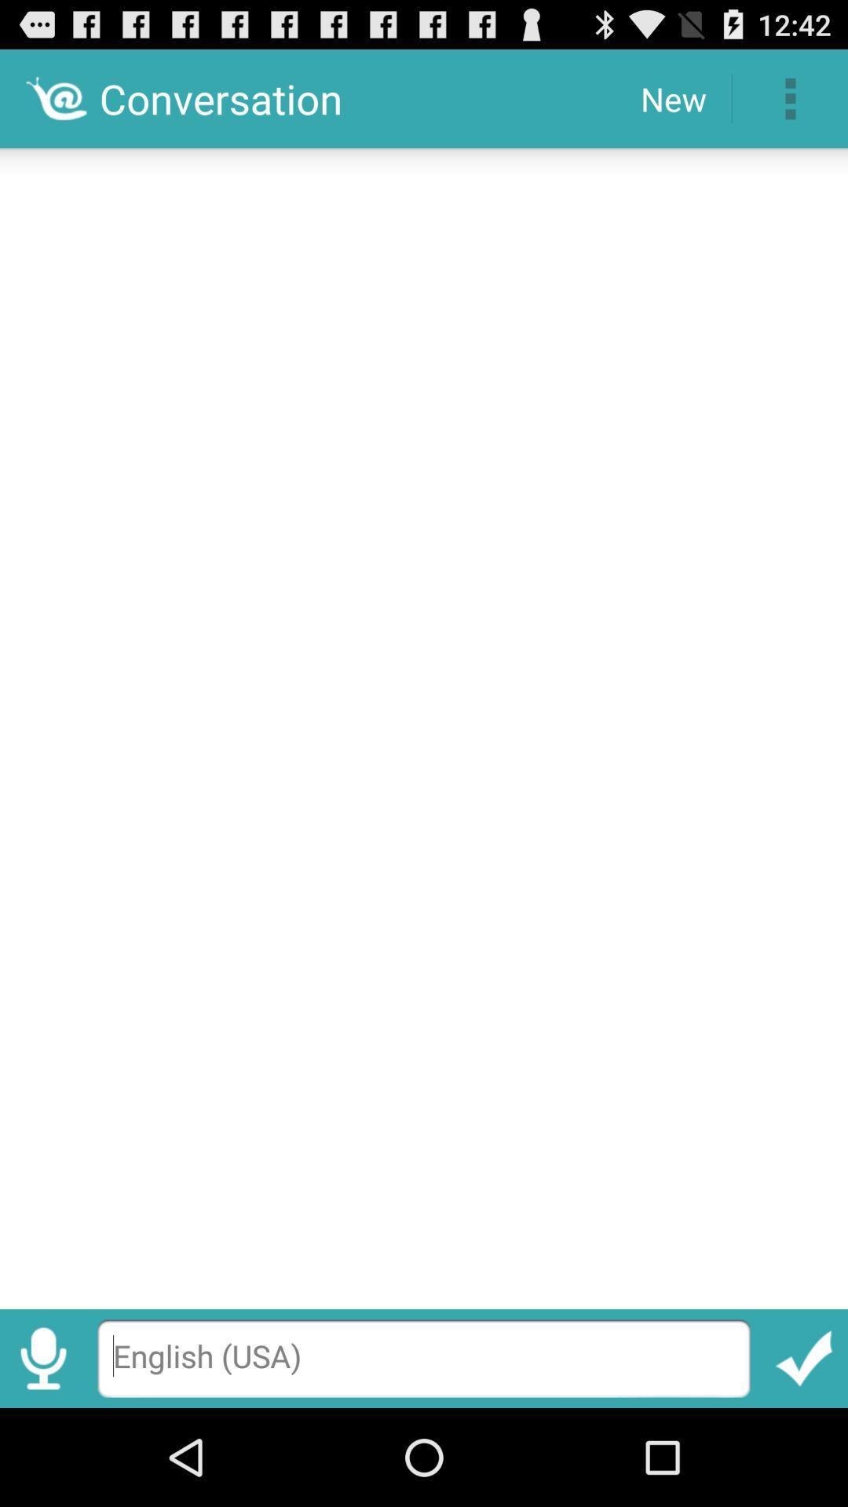 Image resolution: width=848 pixels, height=1507 pixels. Describe the element at coordinates (804, 1453) in the screenshot. I see `the check icon` at that location.